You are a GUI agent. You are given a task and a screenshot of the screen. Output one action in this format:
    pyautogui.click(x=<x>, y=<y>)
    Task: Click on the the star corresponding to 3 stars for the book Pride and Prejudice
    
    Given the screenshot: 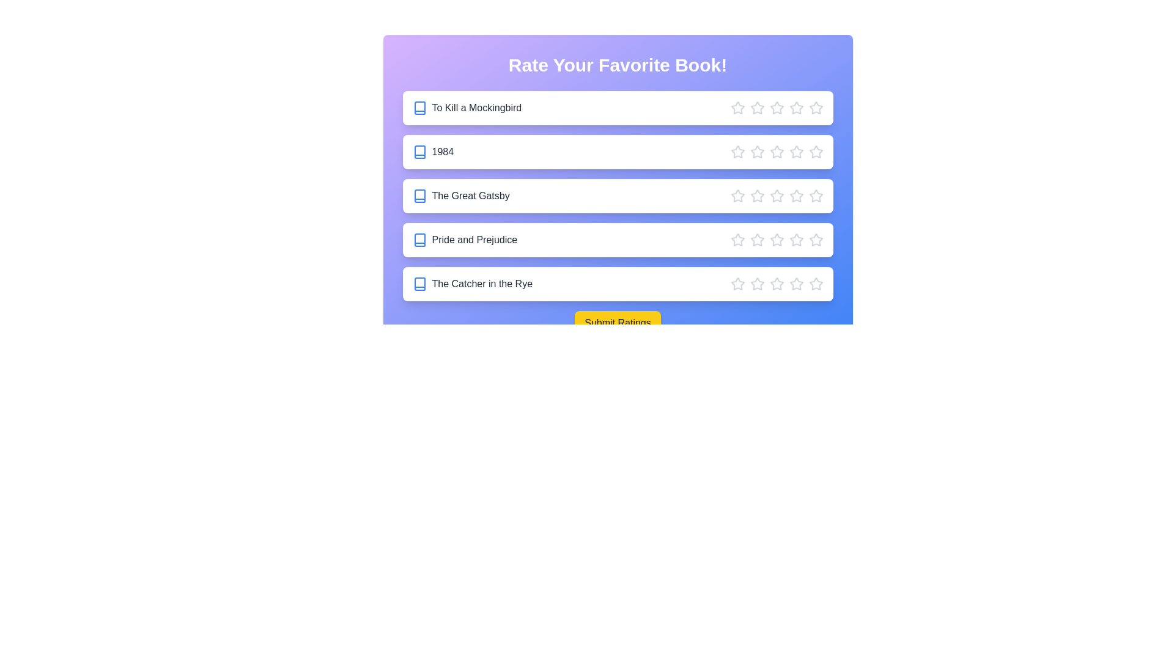 What is the action you would take?
    pyautogui.click(x=776, y=240)
    